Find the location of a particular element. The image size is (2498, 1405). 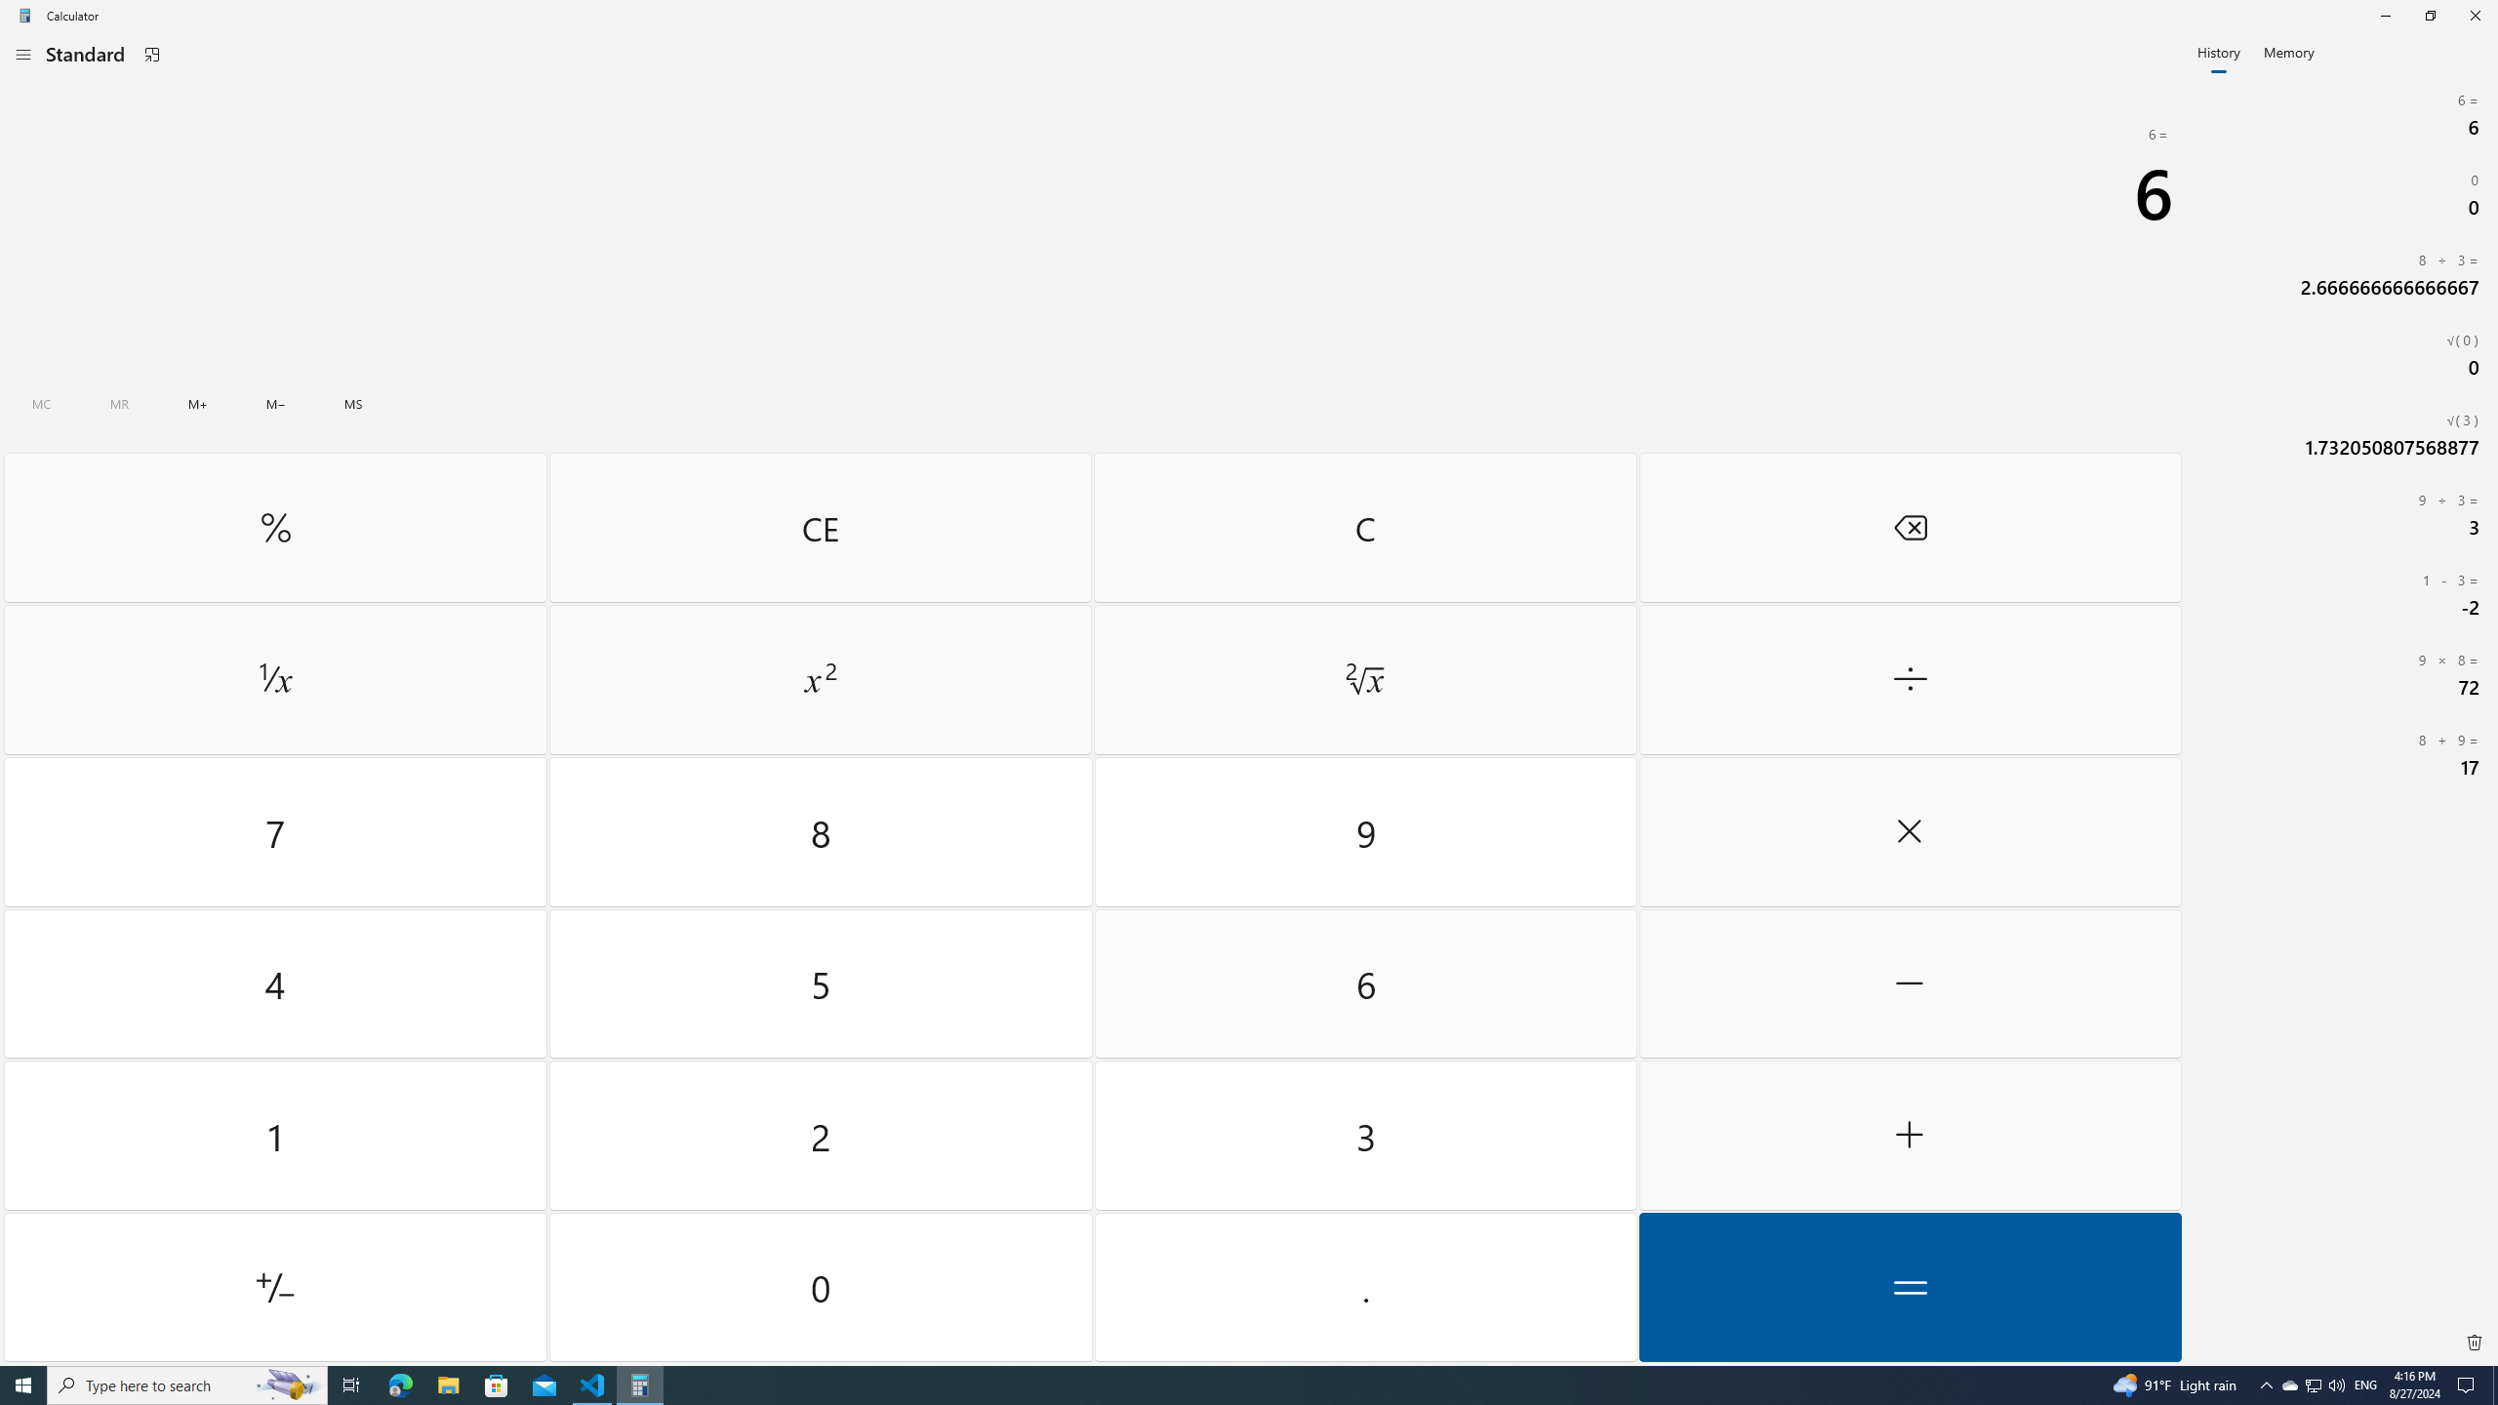

'Square' is located at coordinates (819, 680).